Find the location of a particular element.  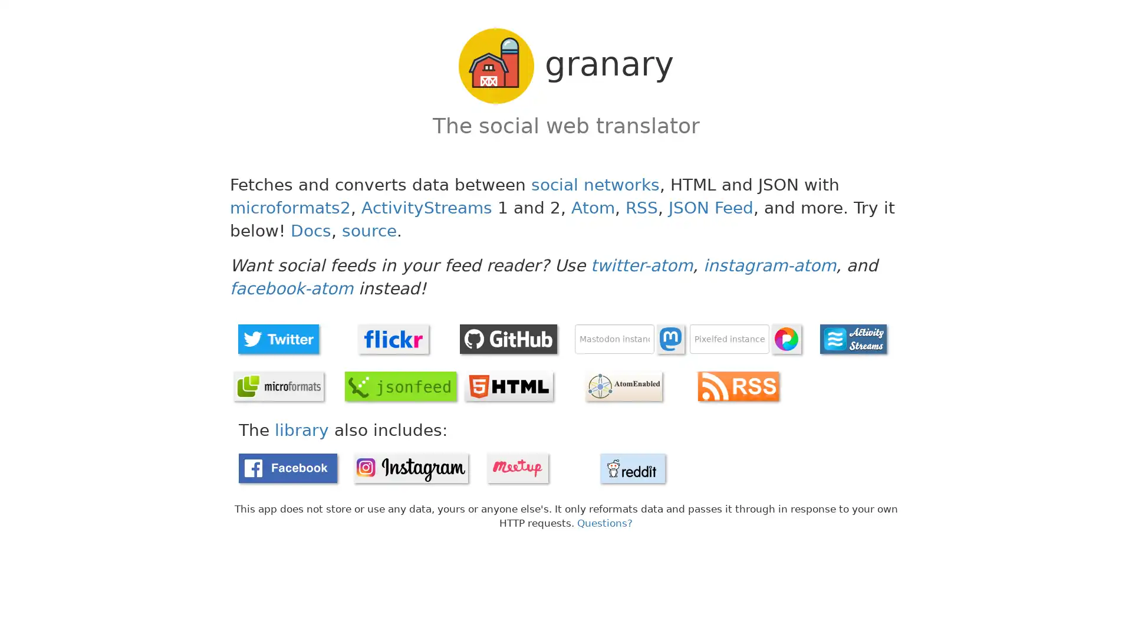

HTML is located at coordinates (508, 386).